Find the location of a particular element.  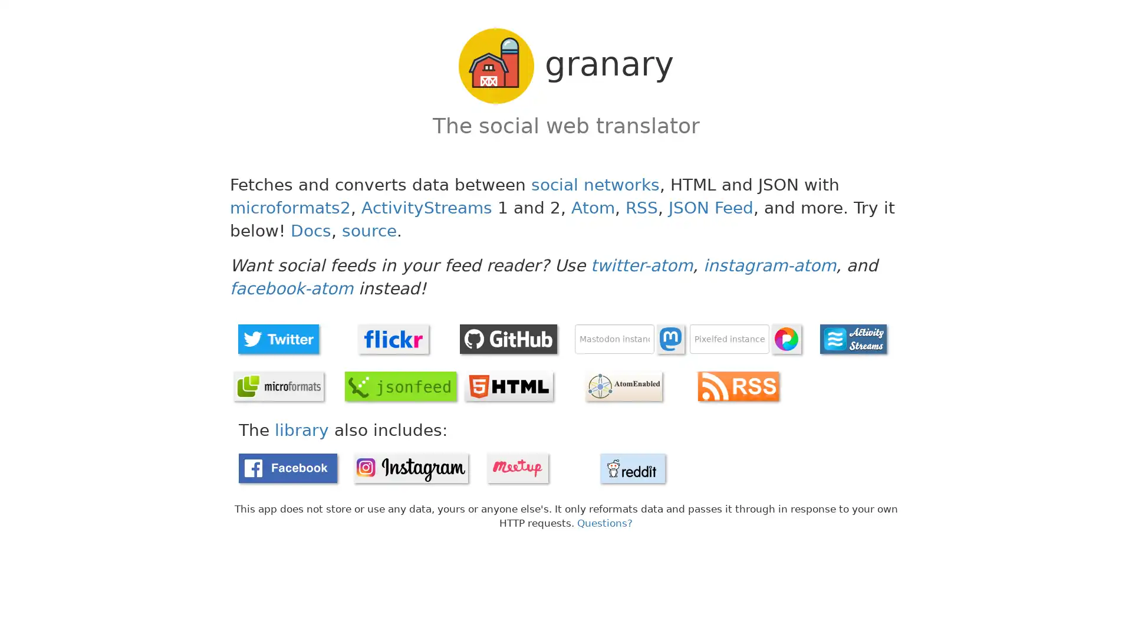

HTML is located at coordinates (508, 386).